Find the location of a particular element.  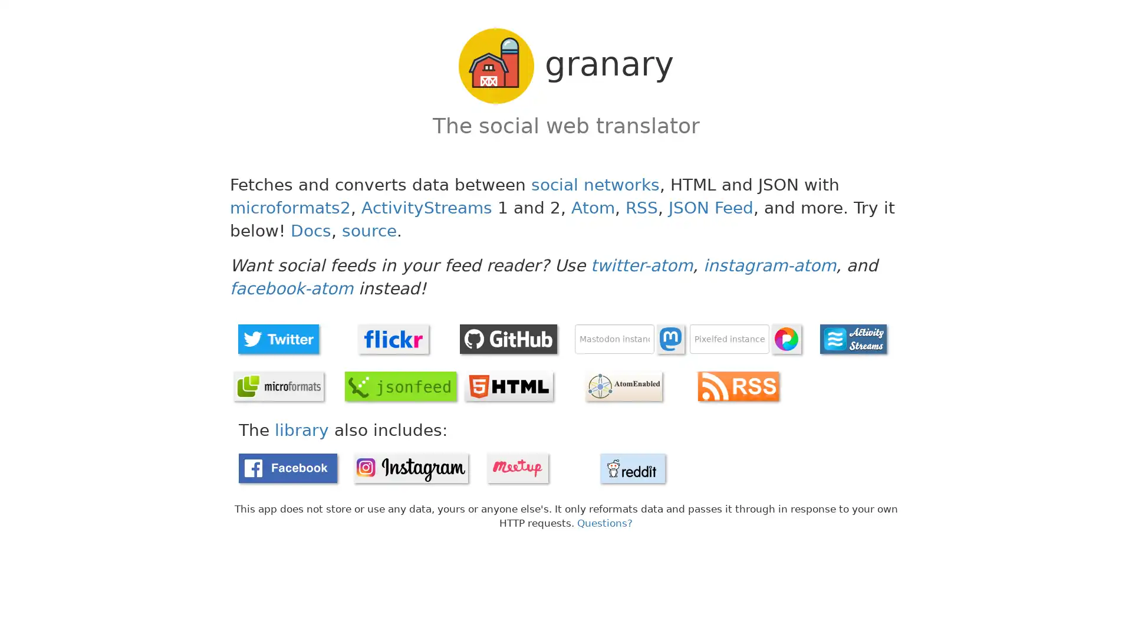

HTML is located at coordinates (508, 386).